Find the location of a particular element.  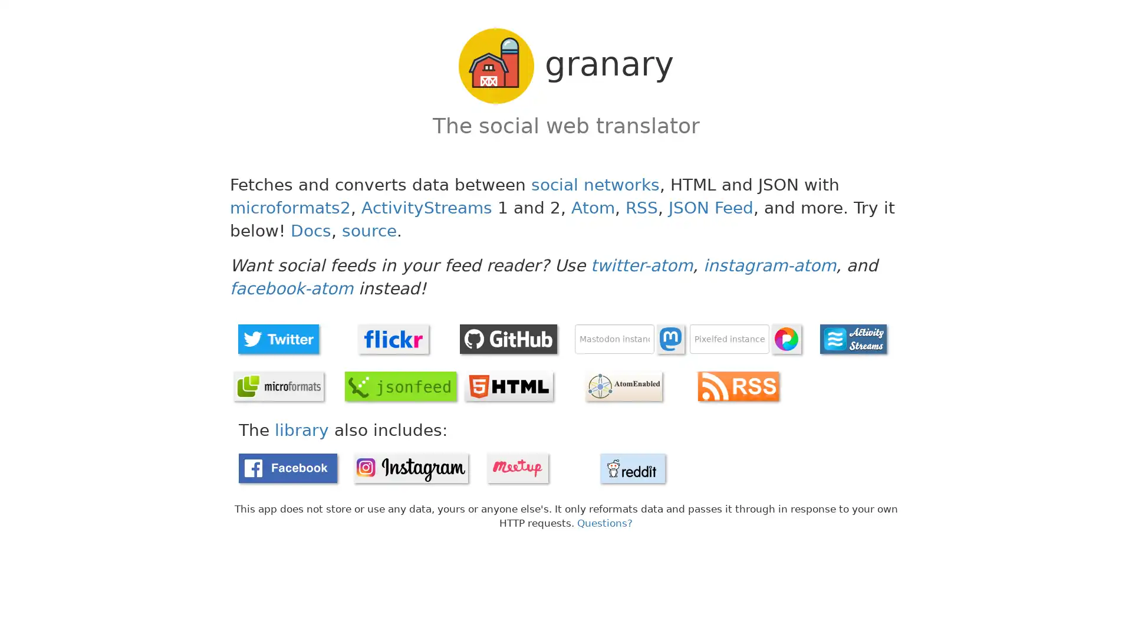

HTML is located at coordinates (508, 386).